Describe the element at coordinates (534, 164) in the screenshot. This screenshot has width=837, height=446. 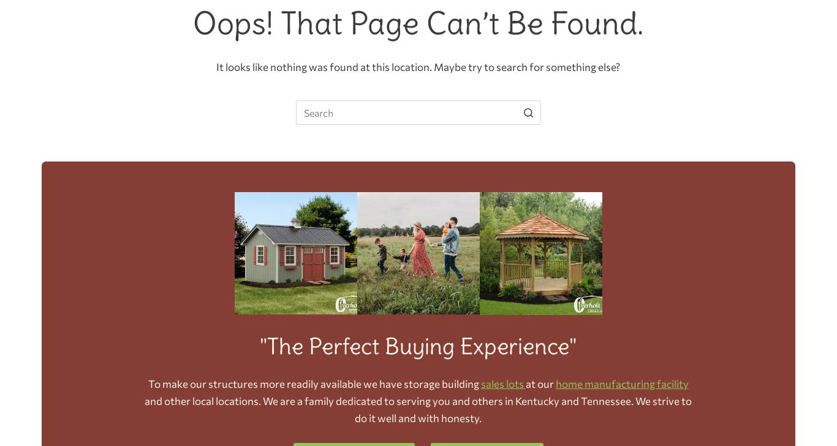
I see `'sales@overholtsheds.biz'` at that location.